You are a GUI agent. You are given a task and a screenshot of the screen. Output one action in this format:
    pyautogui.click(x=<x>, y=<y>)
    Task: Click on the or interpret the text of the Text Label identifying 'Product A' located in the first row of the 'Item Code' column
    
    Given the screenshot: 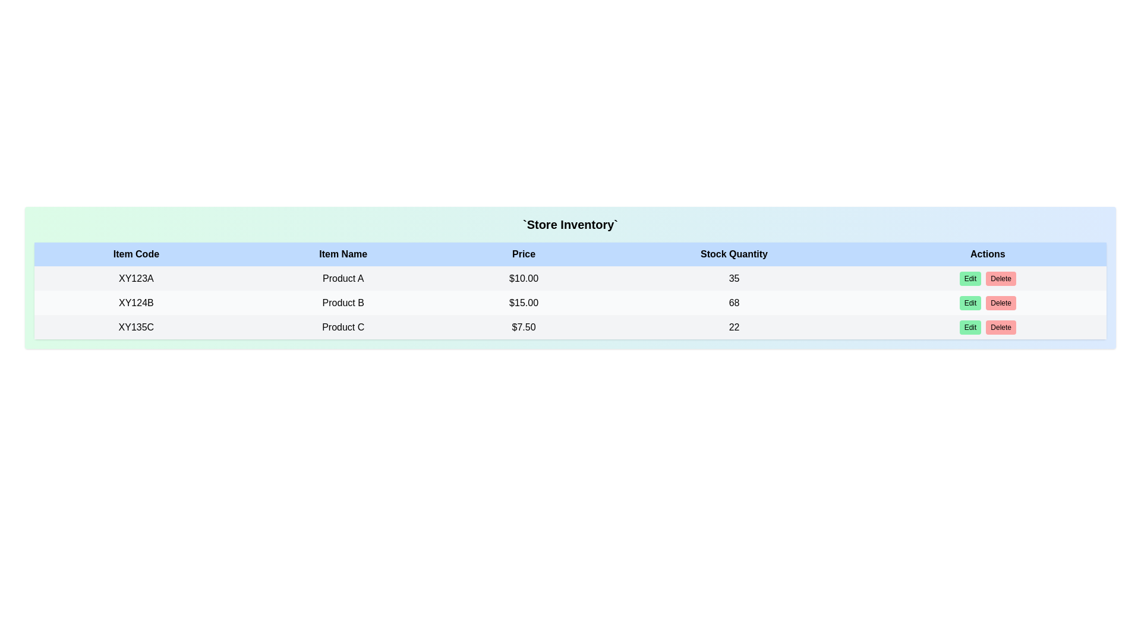 What is the action you would take?
    pyautogui.click(x=136, y=278)
    